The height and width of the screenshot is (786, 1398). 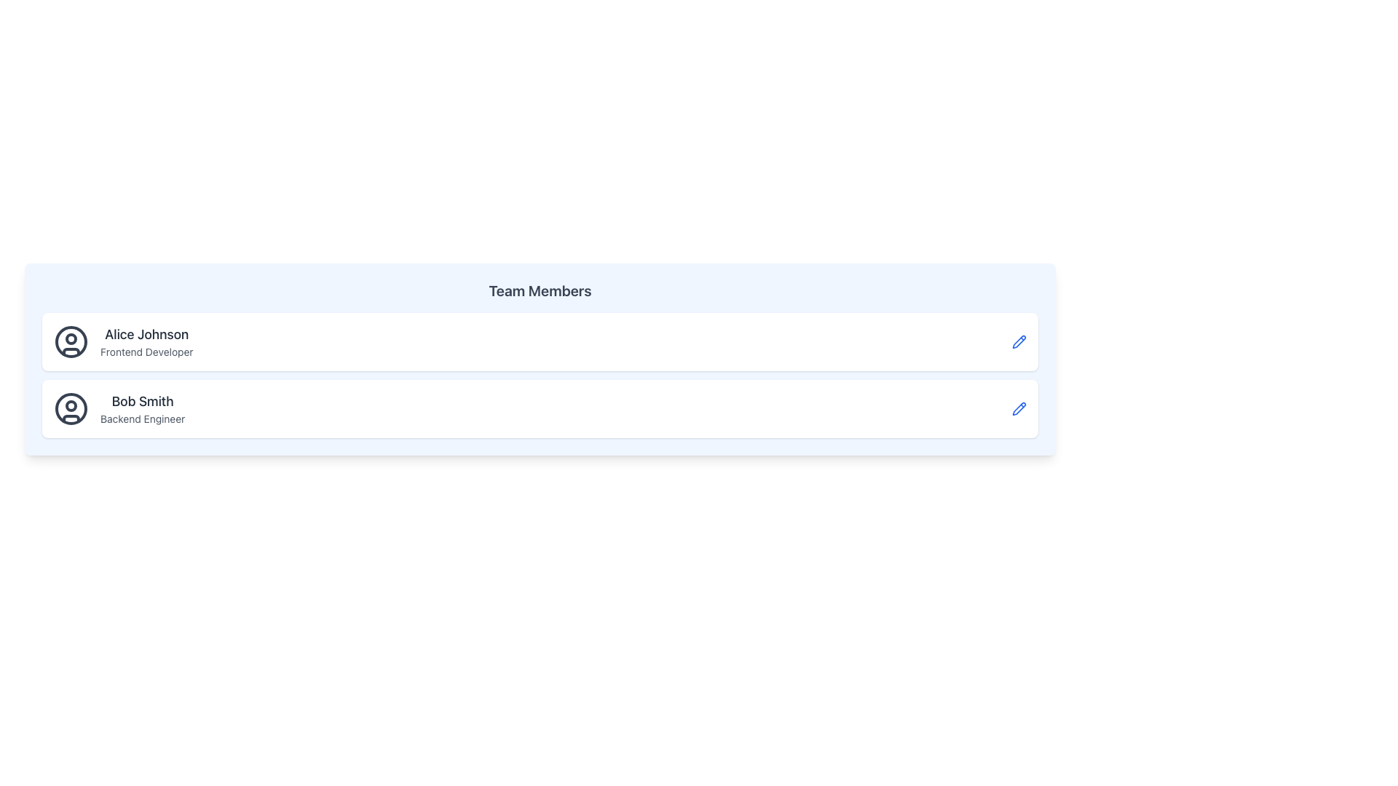 What do you see at coordinates (70, 409) in the screenshot?
I see `properties of the outermost circular border SVG Circle representing the profile of 'Bob Smith,' the second entry in the 'Team Members' list, using development tools` at bounding box center [70, 409].